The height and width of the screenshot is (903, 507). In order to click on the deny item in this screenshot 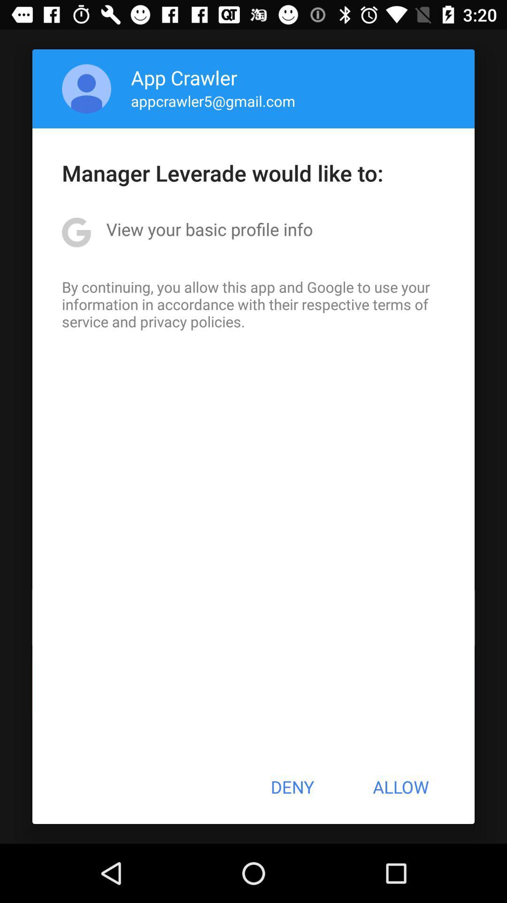, I will do `click(292, 787)`.